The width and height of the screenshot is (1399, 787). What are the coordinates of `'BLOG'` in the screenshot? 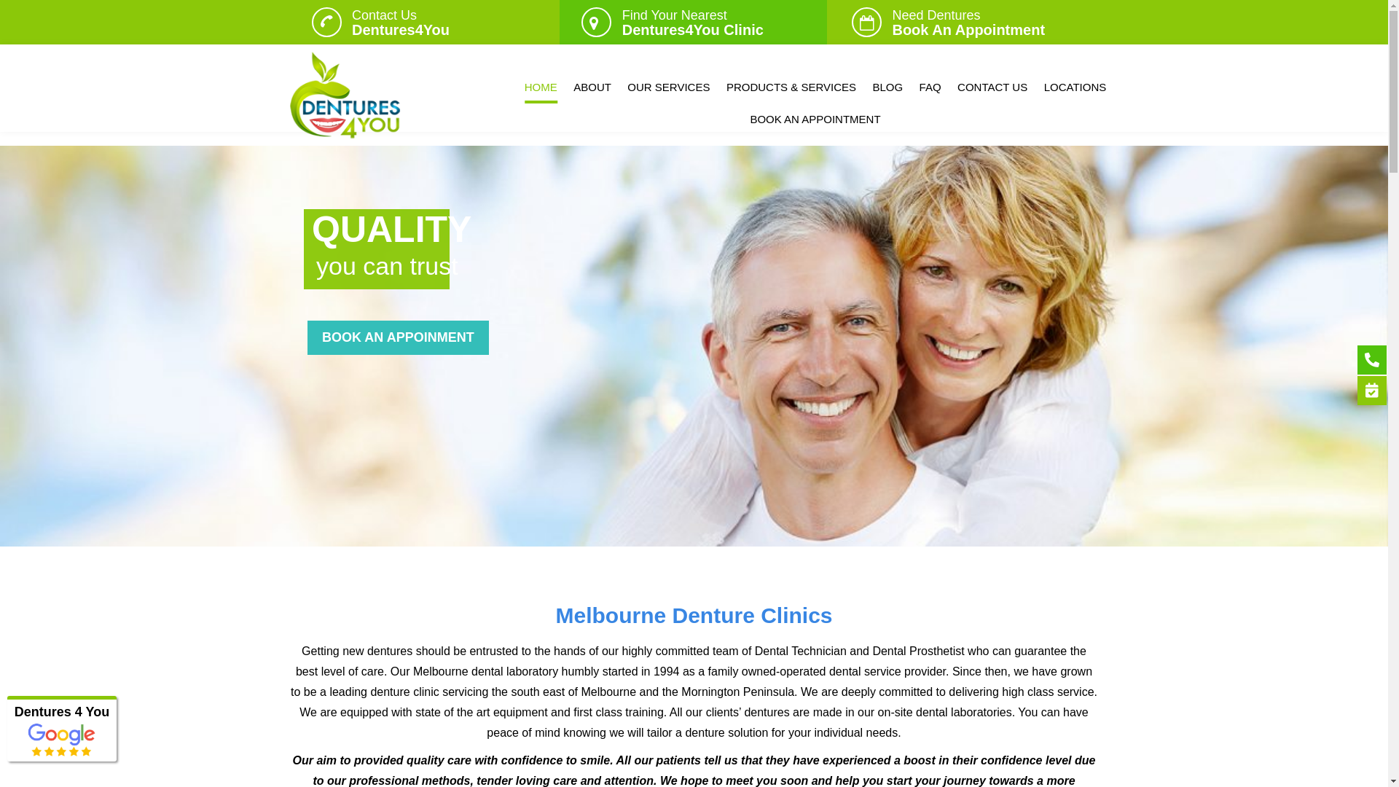 It's located at (887, 87).